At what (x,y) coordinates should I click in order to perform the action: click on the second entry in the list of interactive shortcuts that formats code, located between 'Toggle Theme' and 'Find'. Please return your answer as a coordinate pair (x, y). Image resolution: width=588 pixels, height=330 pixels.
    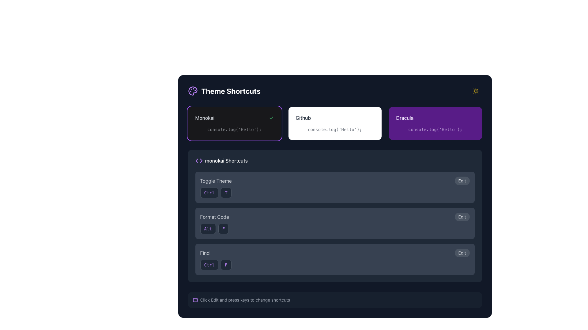
    Looking at the image, I should click on (334, 223).